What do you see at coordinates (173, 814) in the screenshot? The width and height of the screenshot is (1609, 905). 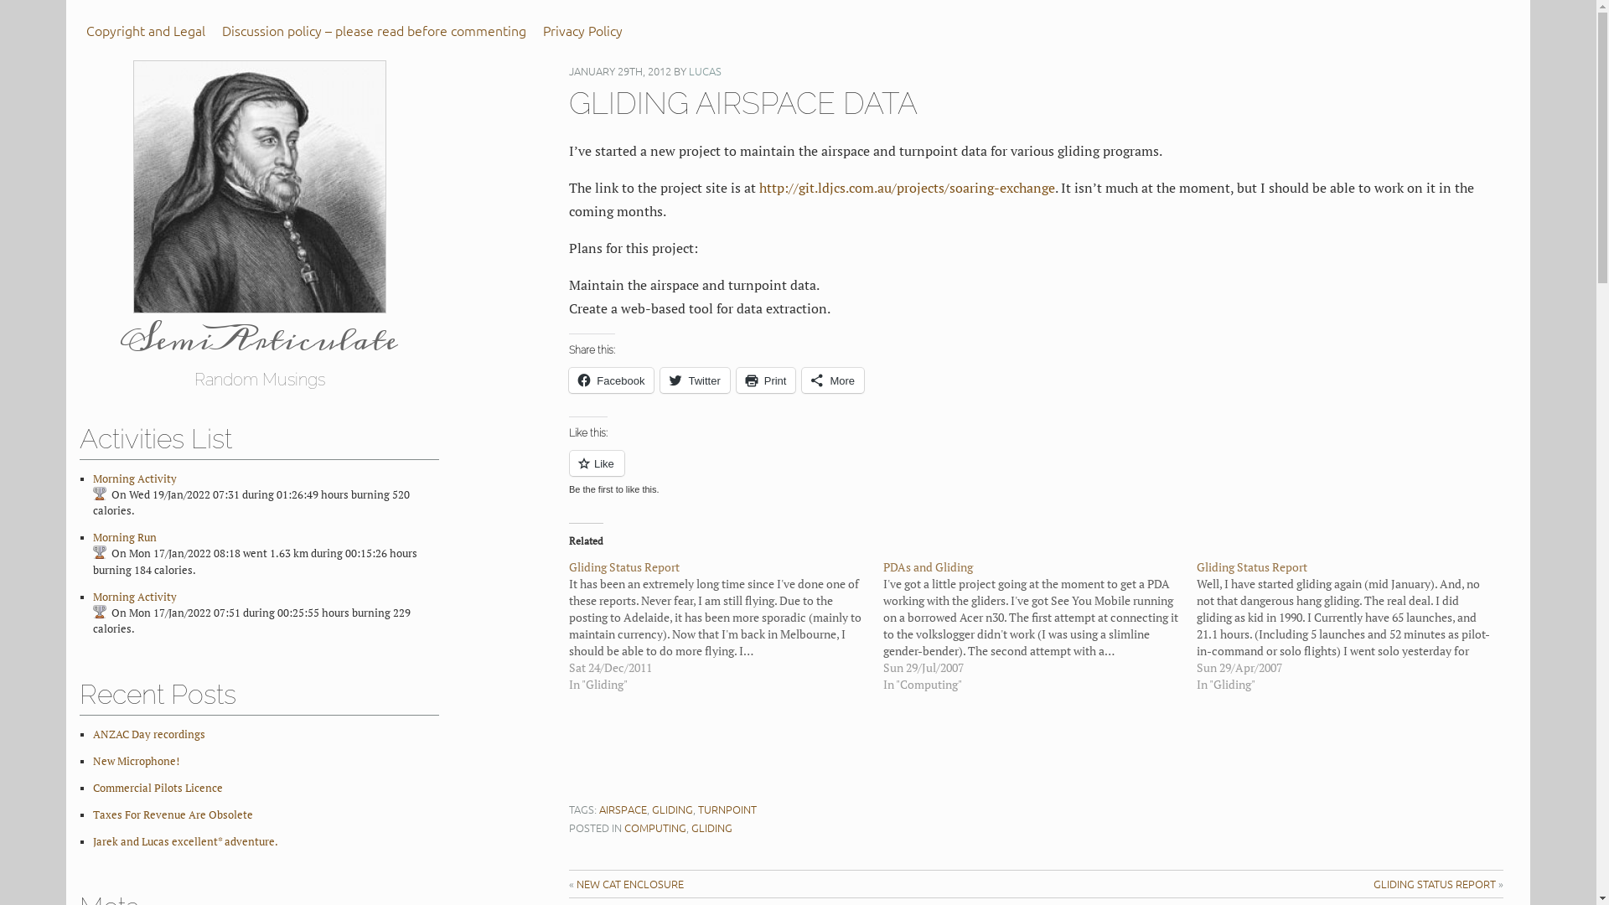 I see `'Taxes For Revenue Are Obsolete'` at bounding box center [173, 814].